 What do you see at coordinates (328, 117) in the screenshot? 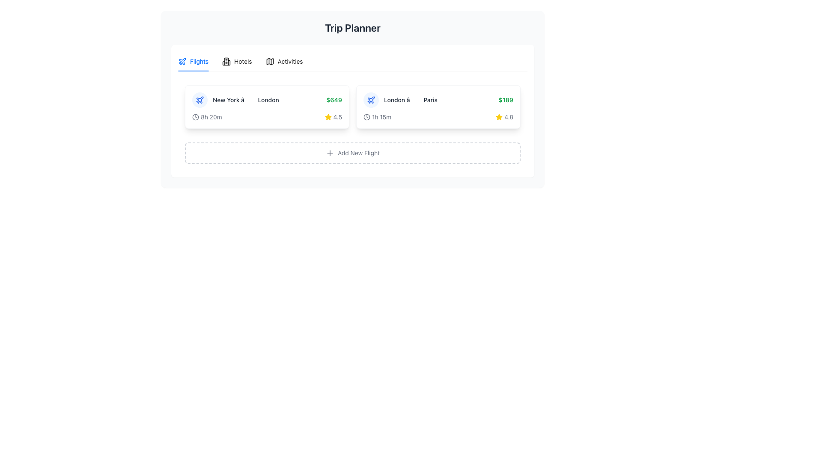
I see `the star-shaped yellow icon representing a 4.5 rating in the flight card from 'New York' to 'London'` at bounding box center [328, 117].